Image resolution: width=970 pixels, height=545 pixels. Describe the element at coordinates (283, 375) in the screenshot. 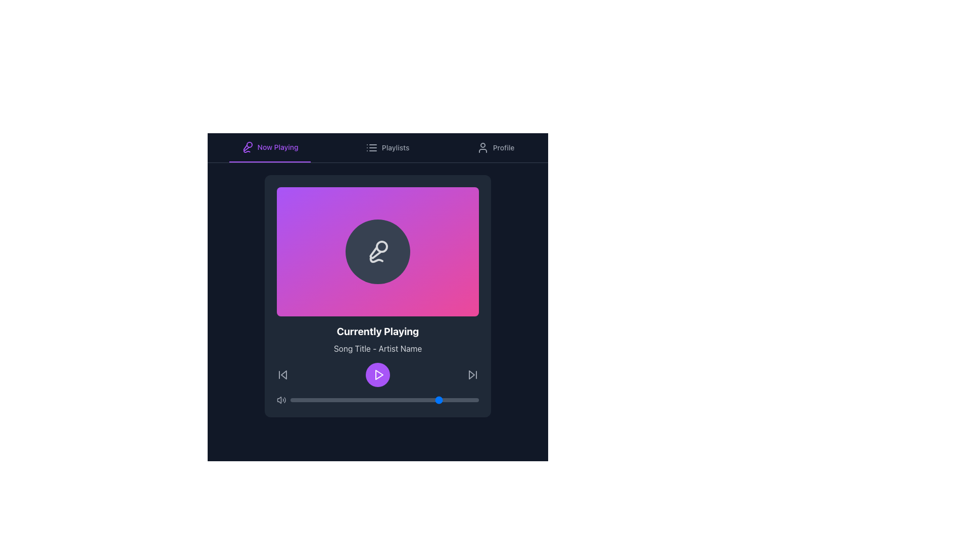

I see `the arrowhead icon in the playback control area to skip to the previous track` at that location.